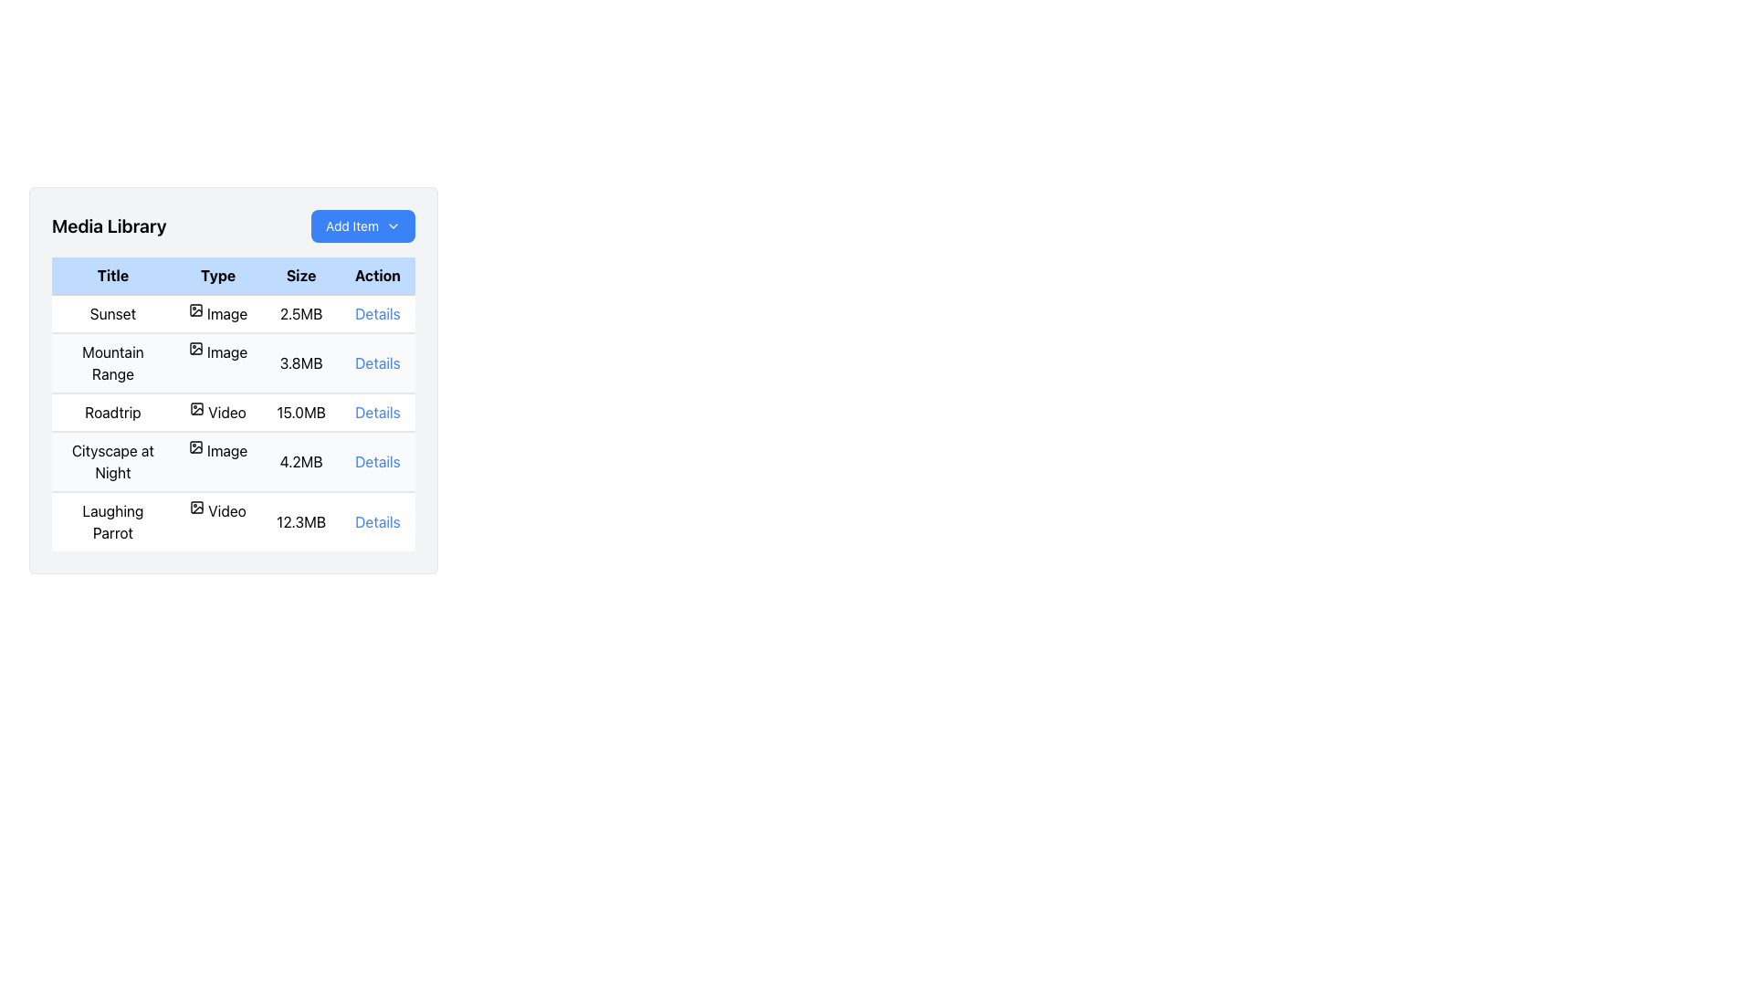 The height and width of the screenshot is (986, 1753). What do you see at coordinates (376, 460) in the screenshot?
I see `the hyperlink in the 'Action' column of the fourth row` at bounding box center [376, 460].